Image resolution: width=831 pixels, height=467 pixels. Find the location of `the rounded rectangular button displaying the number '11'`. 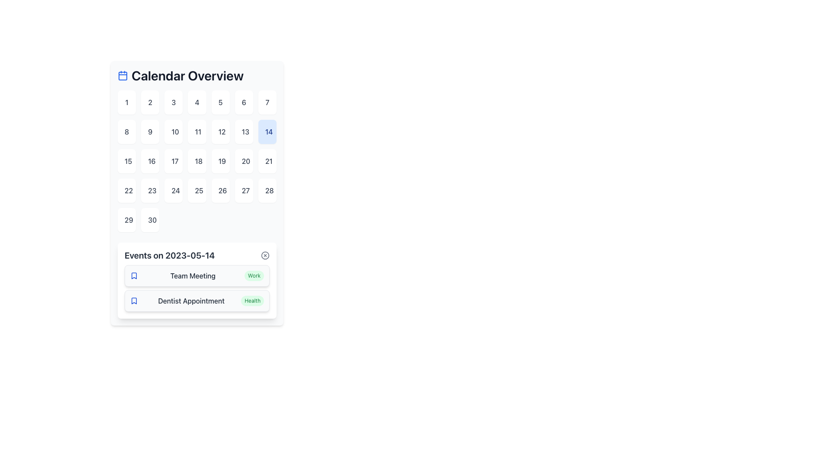

the rounded rectangular button displaying the number '11' is located at coordinates (196, 131).